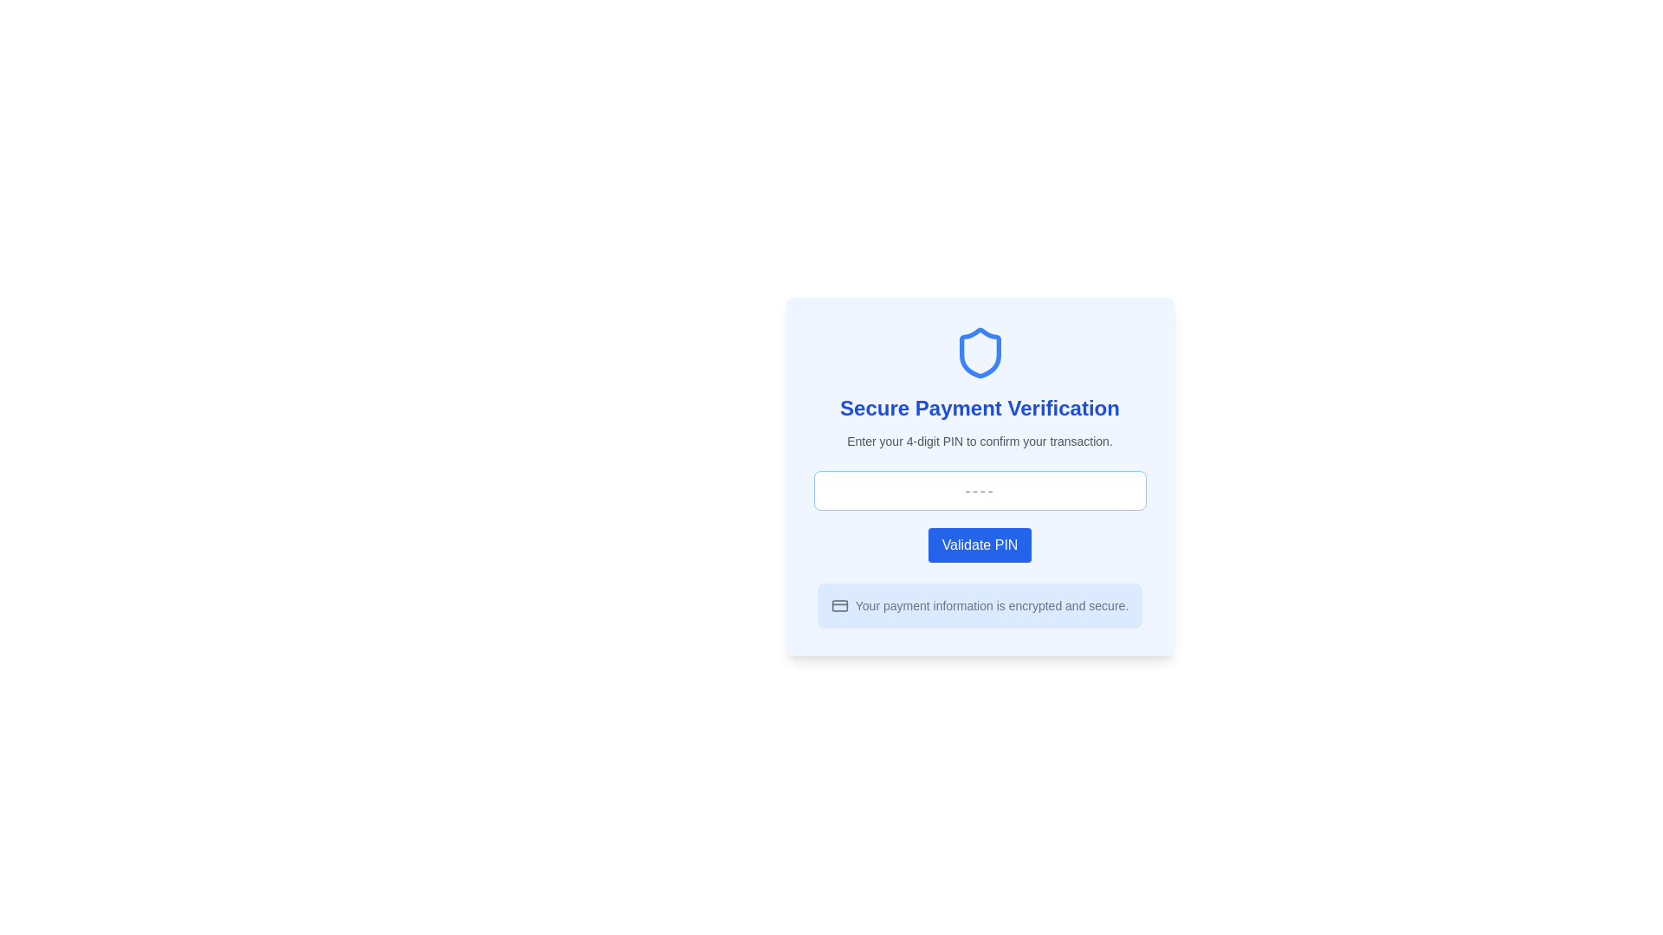  What do you see at coordinates (839, 604) in the screenshot?
I see `the security and encryption icon located to the left of the text 'Your payment information is encrypted and secure' in the notification bar at the bottom of the card UI` at bounding box center [839, 604].